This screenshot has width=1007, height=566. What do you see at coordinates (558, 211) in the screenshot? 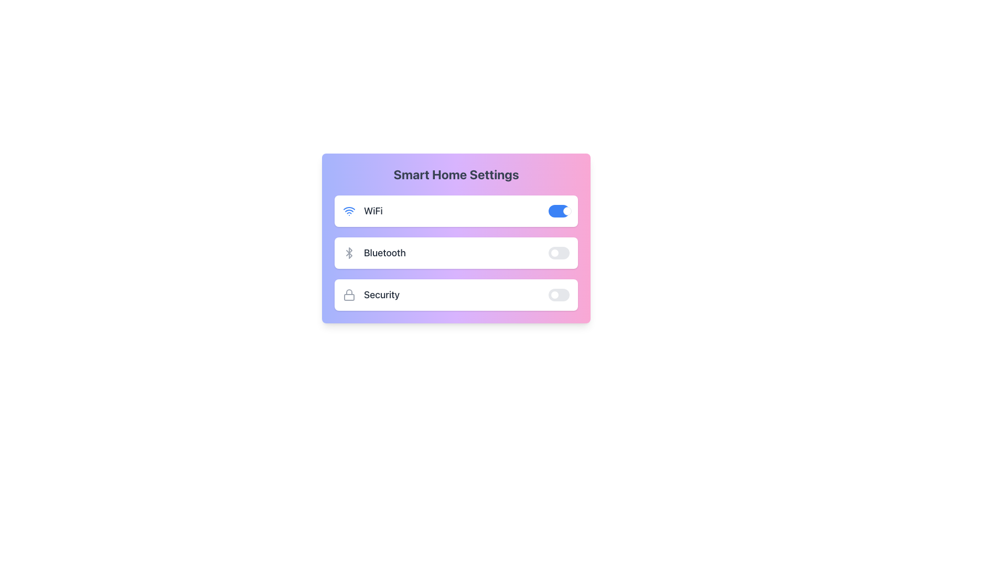
I see `the toggle switch styled with a blue and white appearance located in the top row of the 'Smart Home Settings' panel, to the right of the text 'WiFi'` at bounding box center [558, 211].